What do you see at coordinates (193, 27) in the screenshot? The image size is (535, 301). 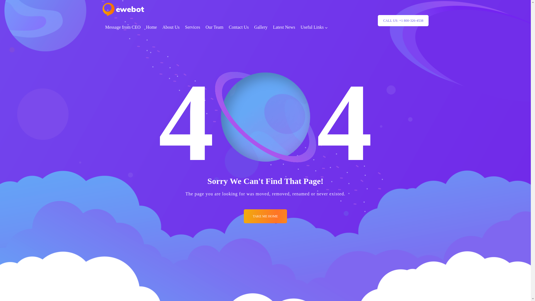 I see `'Services'` at bounding box center [193, 27].